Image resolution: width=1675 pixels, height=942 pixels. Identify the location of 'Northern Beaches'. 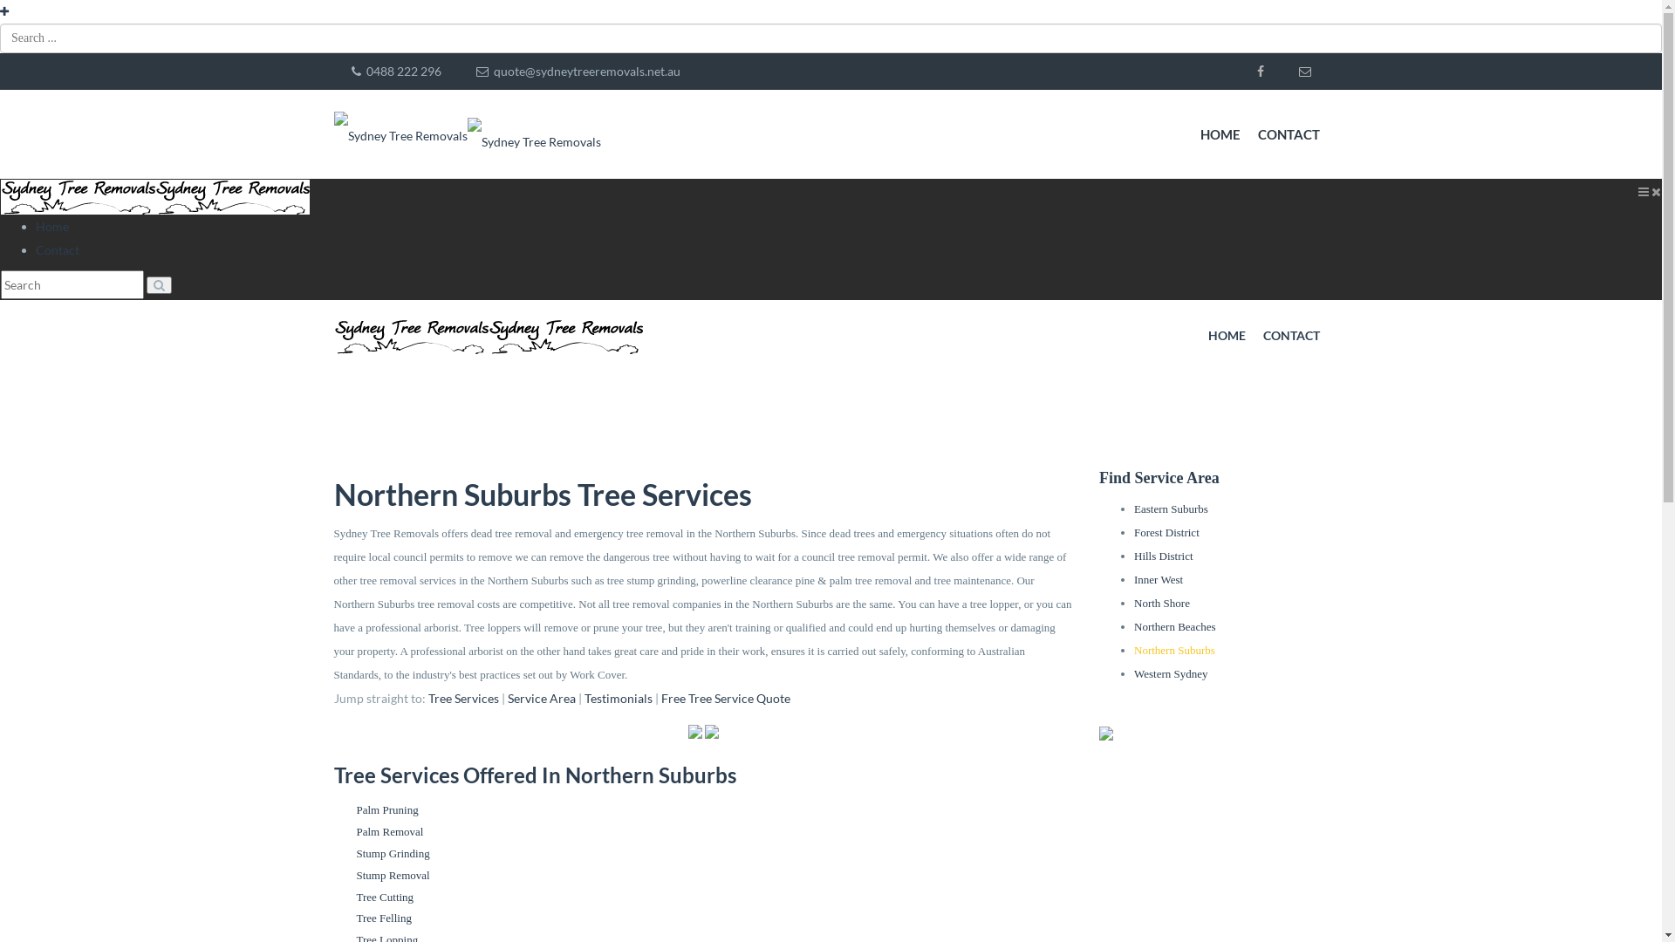
(1175, 625).